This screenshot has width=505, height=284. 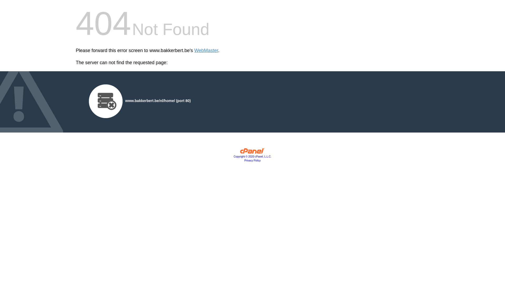 What do you see at coordinates (252, 160) in the screenshot?
I see `'Privacy Policy'` at bounding box center [252, 160].